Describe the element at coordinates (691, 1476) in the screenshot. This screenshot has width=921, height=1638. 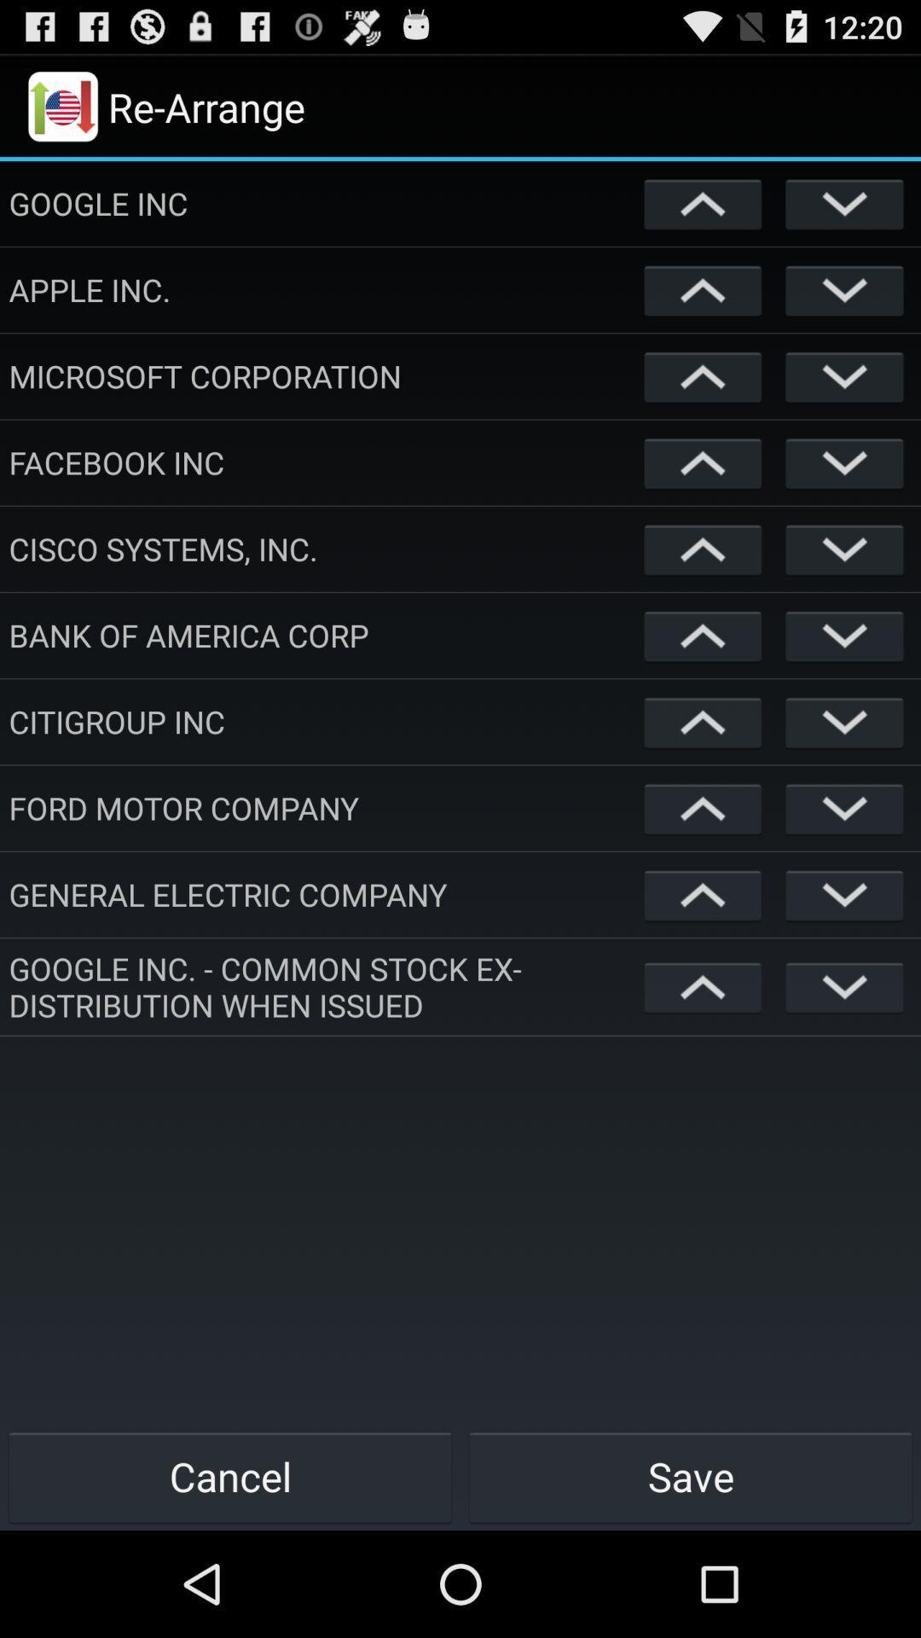
I see `icon next to cancel button` at that location.